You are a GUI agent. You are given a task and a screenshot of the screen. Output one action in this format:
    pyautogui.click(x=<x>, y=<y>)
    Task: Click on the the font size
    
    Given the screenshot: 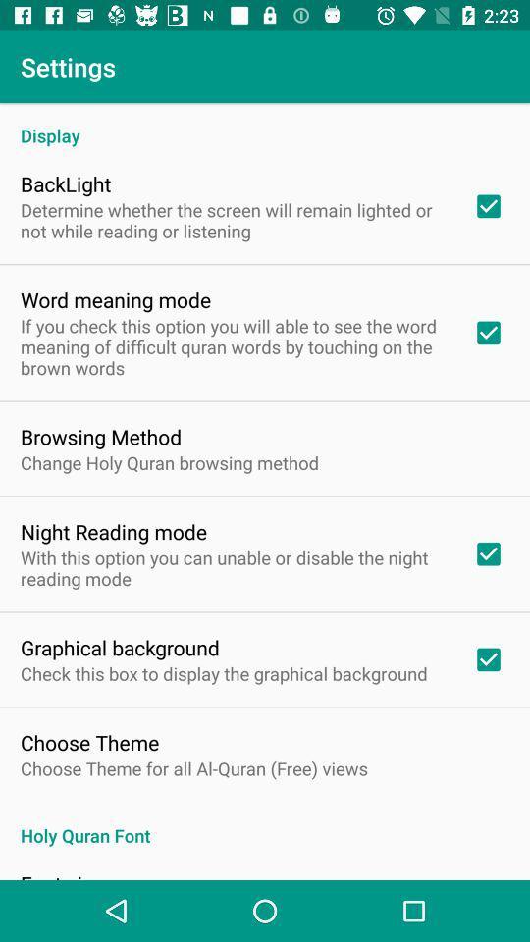 What is the action you would take?
    pyautogui.click(x=62, y=873)
    